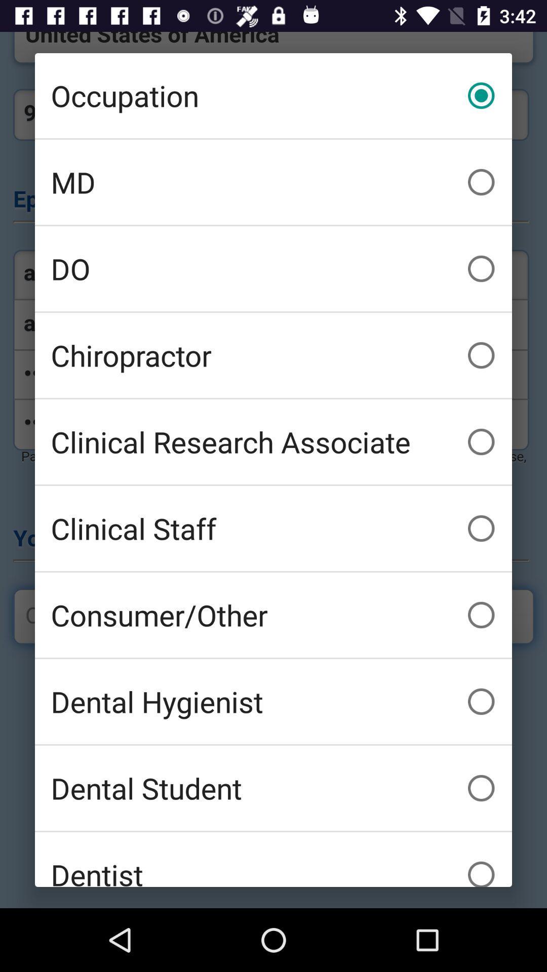 The width and height of the screenshot is (547, 972). What do you see at coordinates (273, 614) in the screenshot?
I see `the item below clinical staff` at bounding box center [273, 614].